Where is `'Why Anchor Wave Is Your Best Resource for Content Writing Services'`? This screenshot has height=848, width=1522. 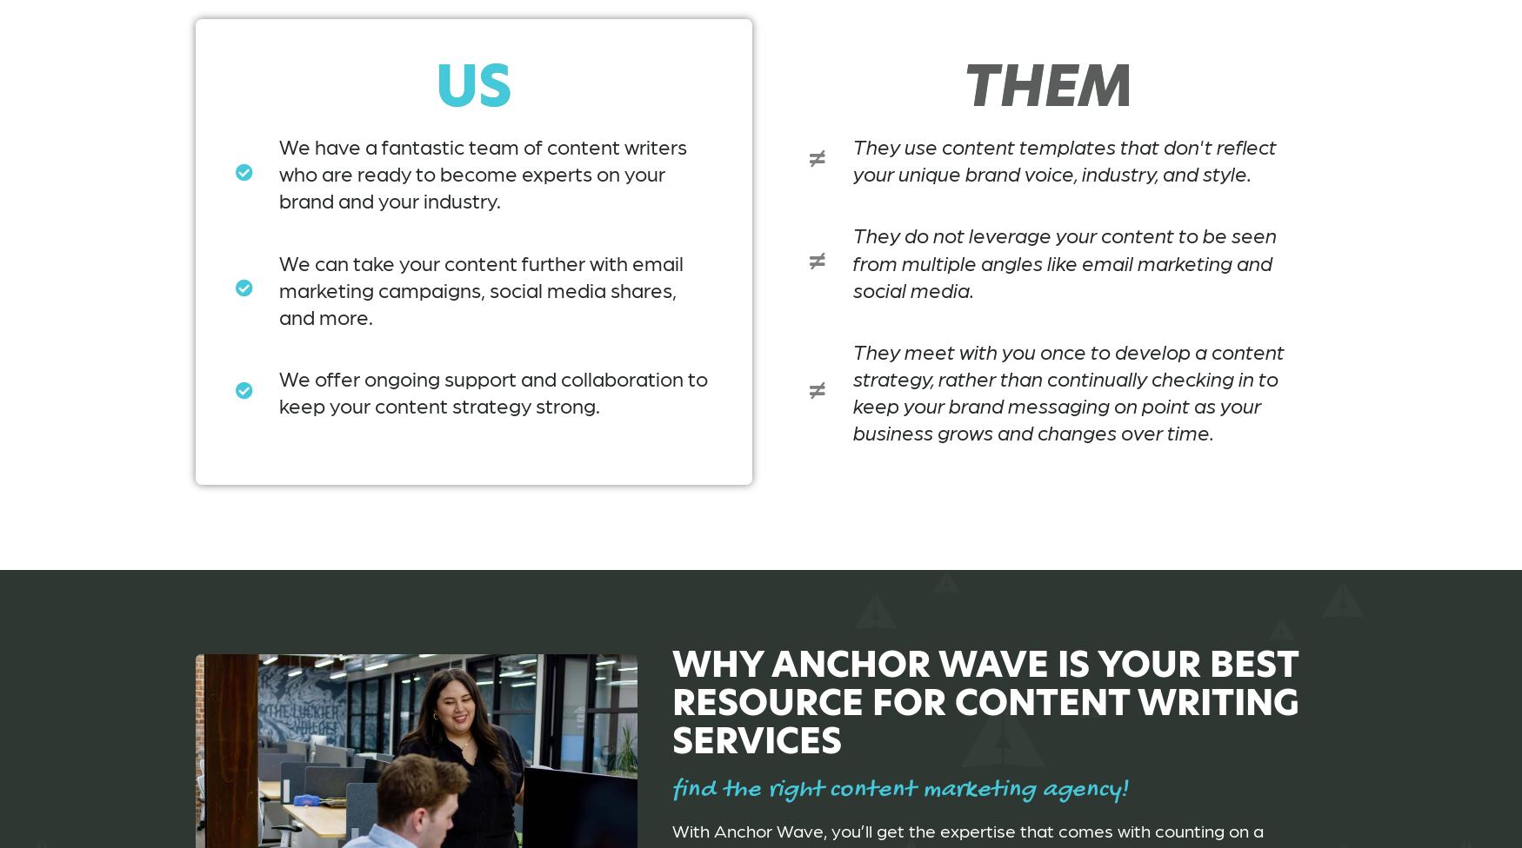 'Why Anchor Wave Is Your Best Resource for Content Writing Services' is located at coordinates (985, 703).